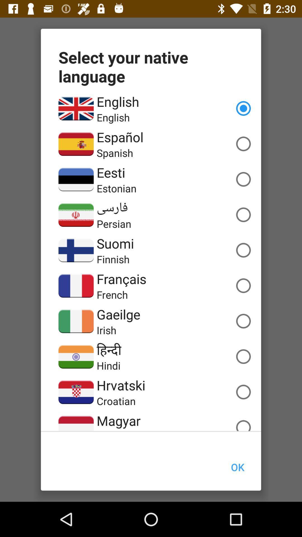 This screenshot has height=537, width=302. I want to click on app below magyar item, so click(120, 430).